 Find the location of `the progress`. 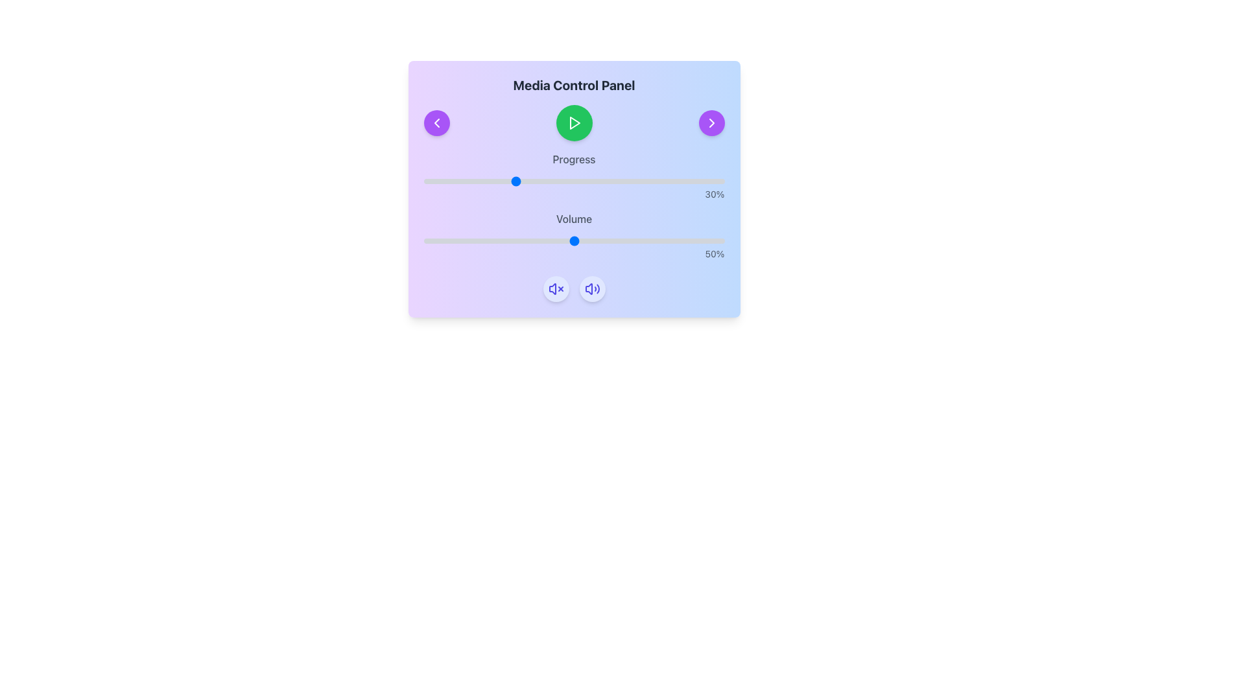

the progress is located at coordinates (678, 181).